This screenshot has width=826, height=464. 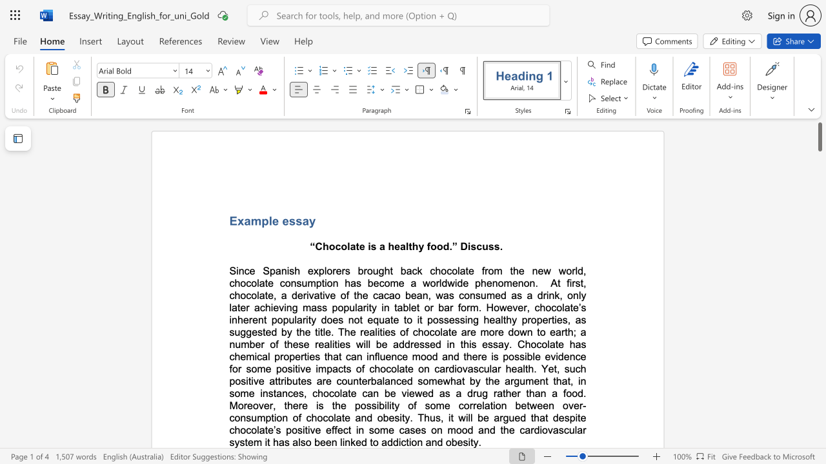 What do you see at coordinates (819, 193) in the screenshot?
I see `the right-hand scrollbar to descend the page` at bounding box center [819, 193].